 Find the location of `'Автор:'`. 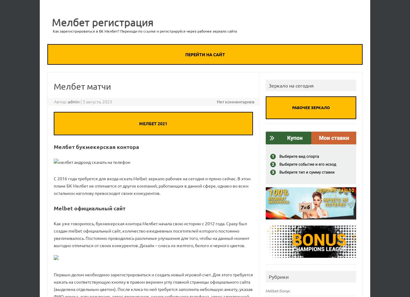

'Автор:' is located at coordinates (54, 101).